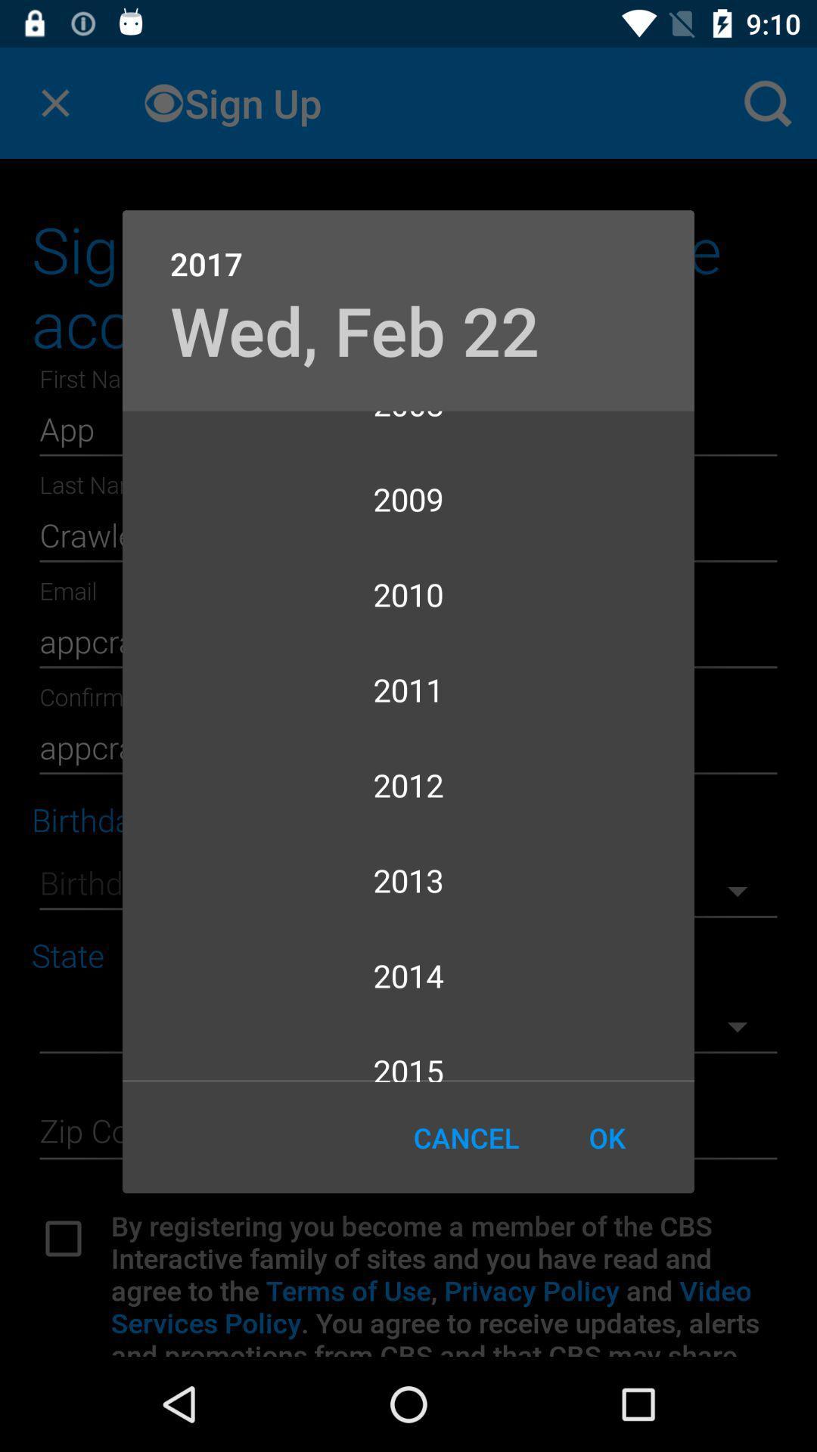  What do you see at coordinates (408, 247) in the screenshot?
I see `the 2017` at bounding box center [408, 247].